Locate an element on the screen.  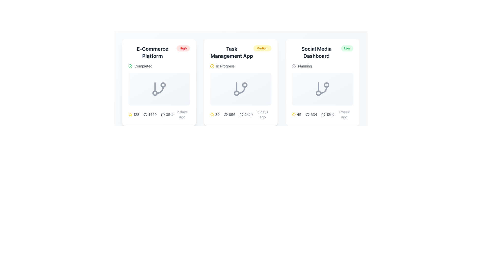
the Message count indicator, which is the third element in the horizontal list at the bottom of the 'Social Media Dashboard' card, displaying the number of comments or messages is located at coordinates (322, 115).